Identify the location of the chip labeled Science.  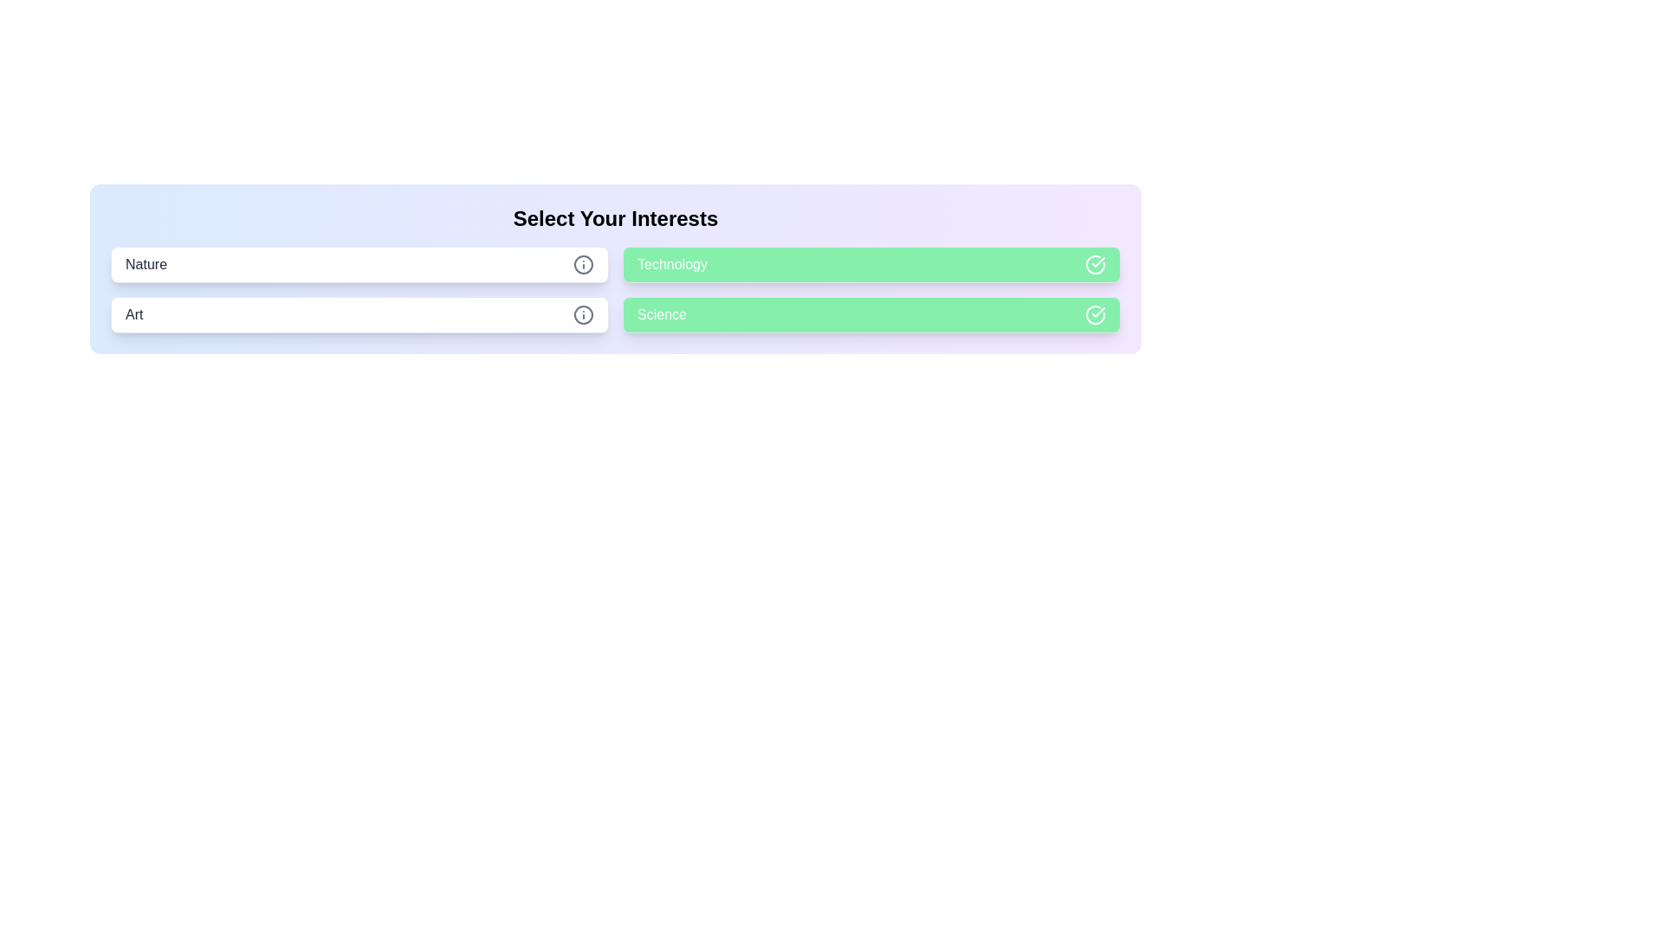
(871, 314).